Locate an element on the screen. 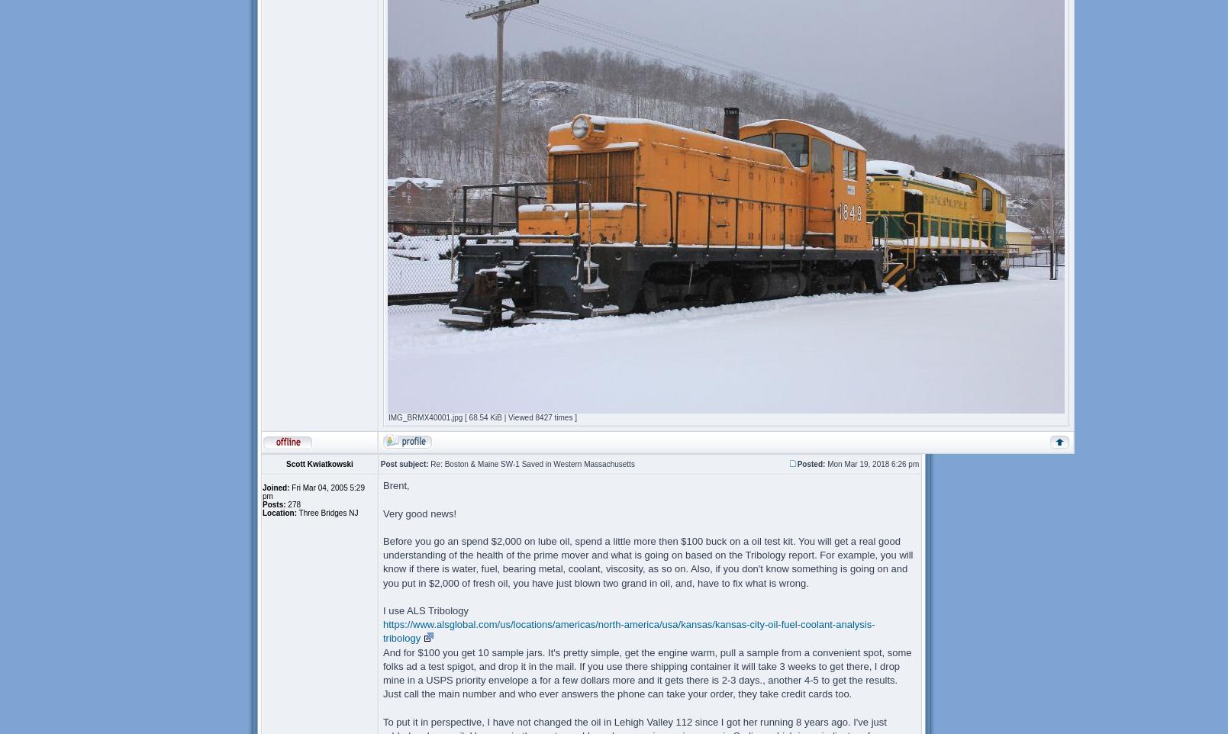 The height and width of the screenshot is (734, 1228). 'Scott Kwiatkowski' is located at coordinates (318, 463).